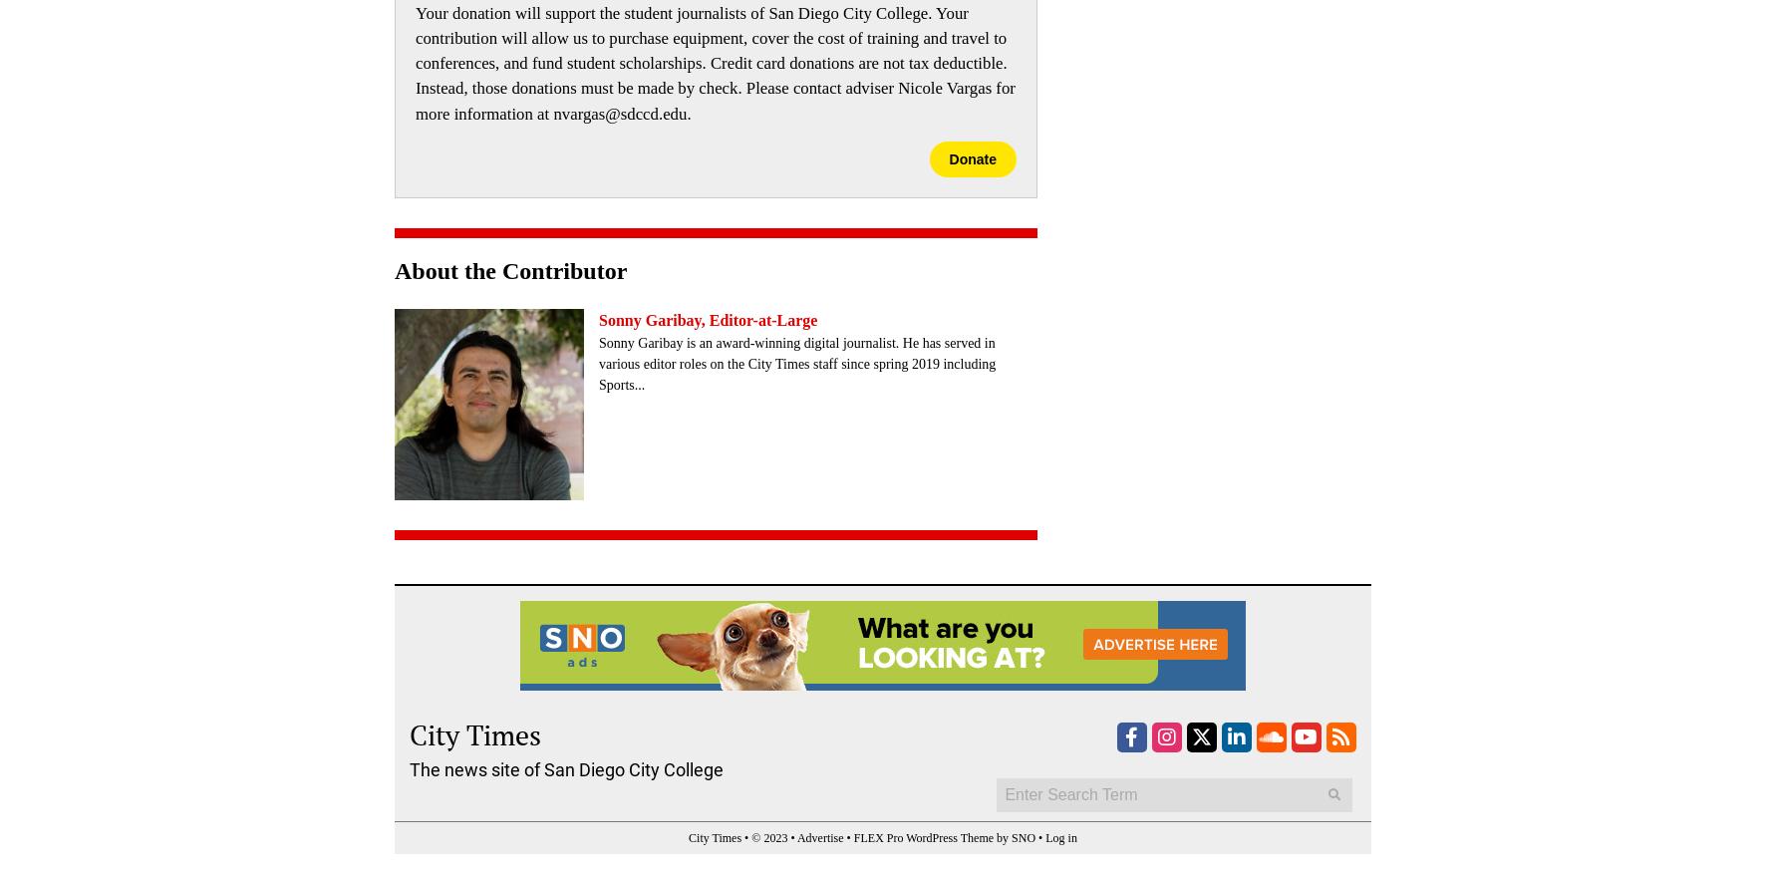 The height and width of the screenshot is (874, 1766). I want to click on 'Sonny Garibay is an award-winning digital journalist. He has served in various editor roles on the City Times staff since spring 2019 including Sports...', so click(599, 363).